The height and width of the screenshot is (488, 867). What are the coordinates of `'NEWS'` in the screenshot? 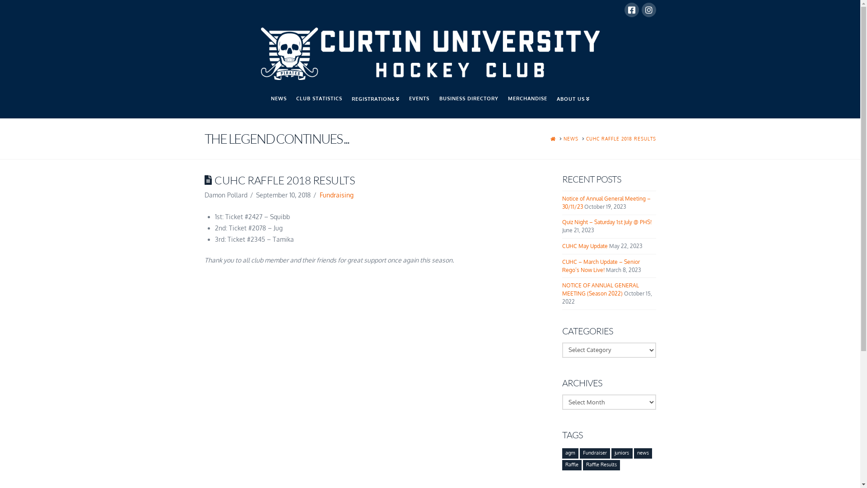 It's located at (570, 139).